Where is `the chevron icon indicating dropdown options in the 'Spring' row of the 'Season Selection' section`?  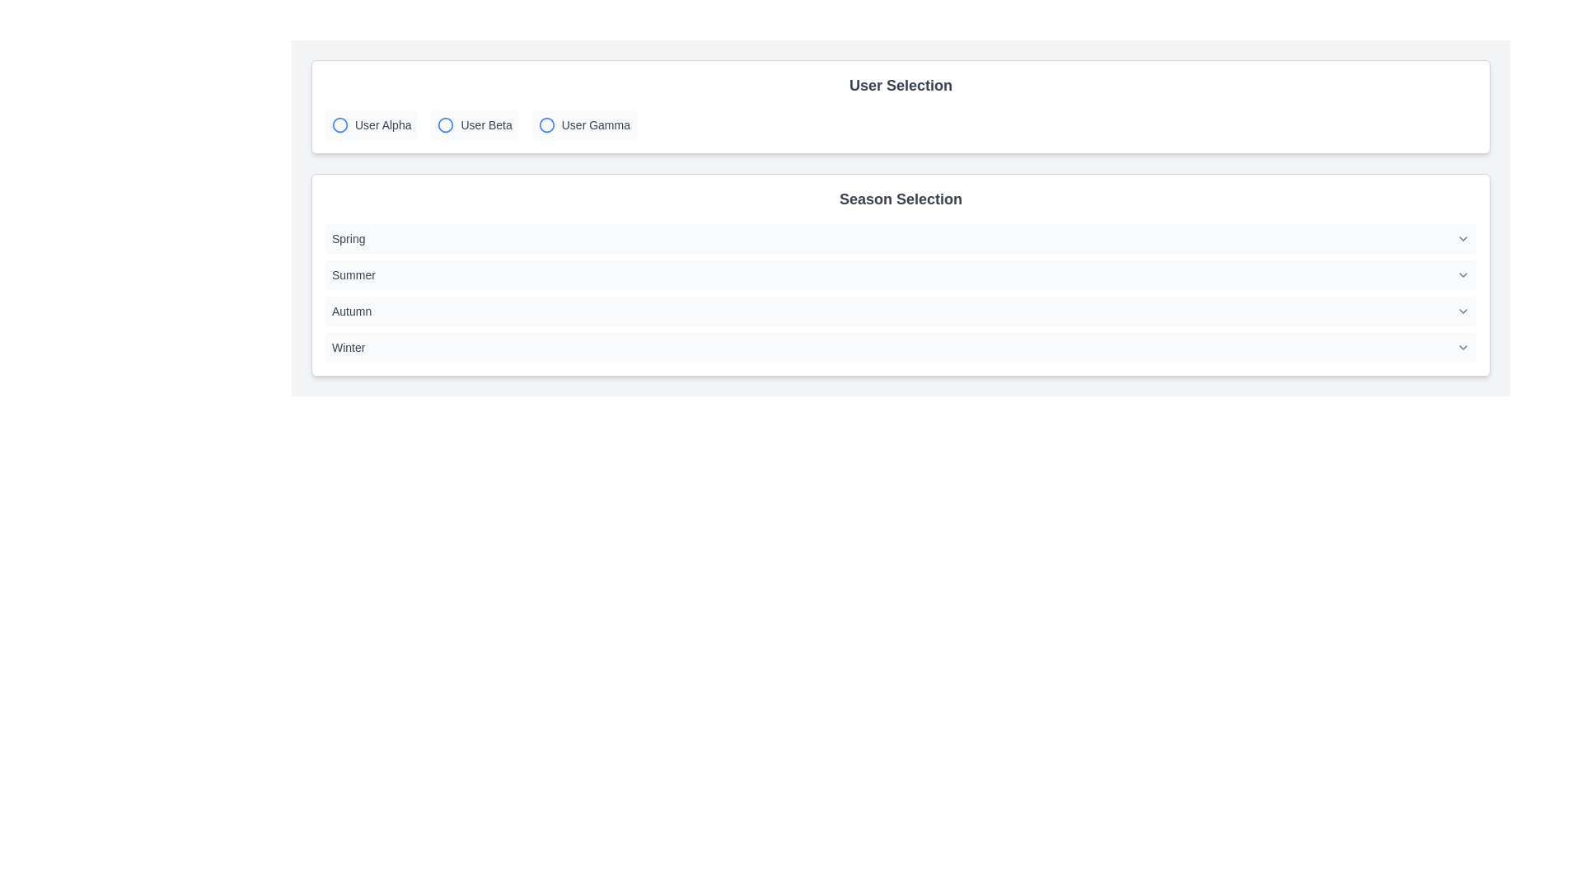 the chevron icon indicating dropdown options in the 'Spring' row of the 'Season Selection' section is located at coordinates (1463, 238).